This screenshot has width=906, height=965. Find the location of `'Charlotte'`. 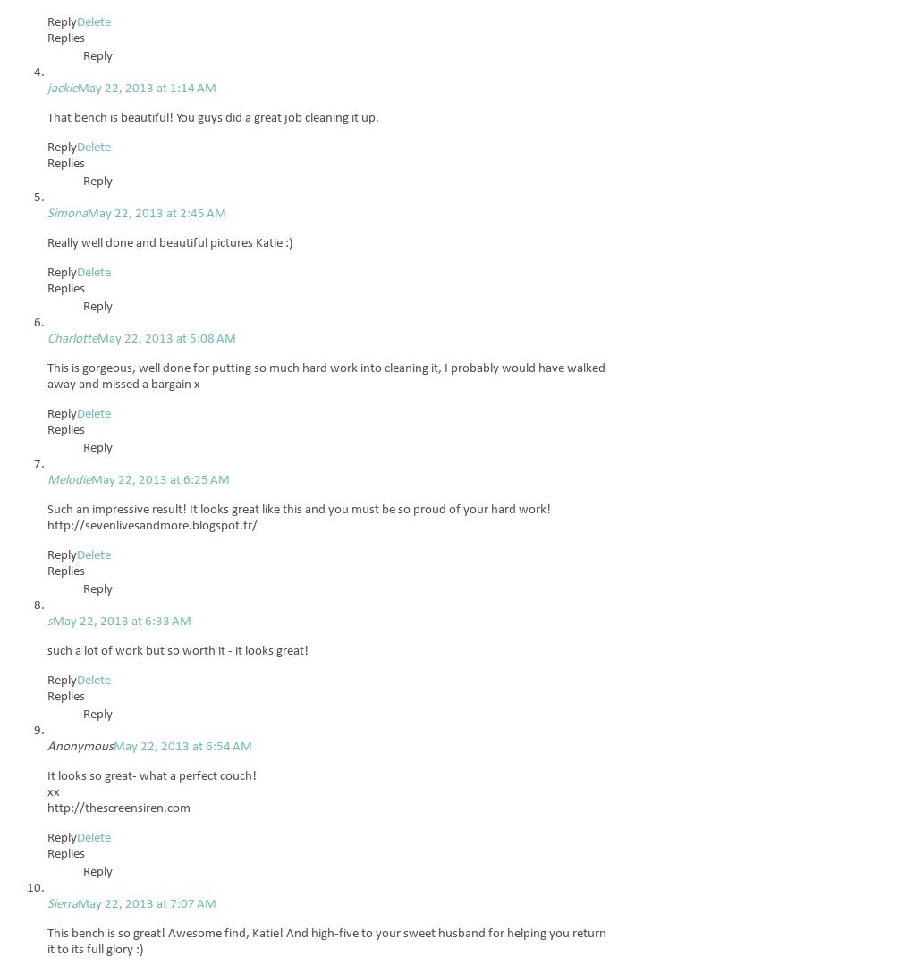

'Charlotte' is located at coordinates (72, 338).